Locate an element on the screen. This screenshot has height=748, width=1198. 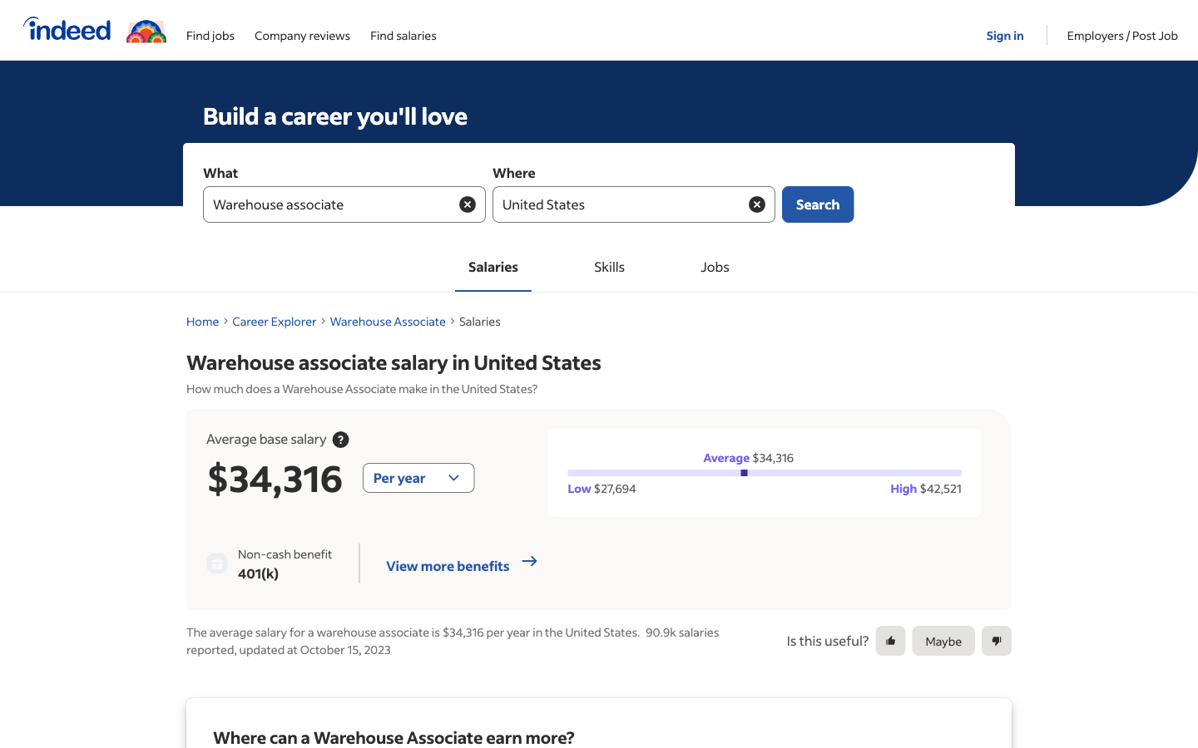
Undo the job location defined as "United States is located at coordinates (756, 203).